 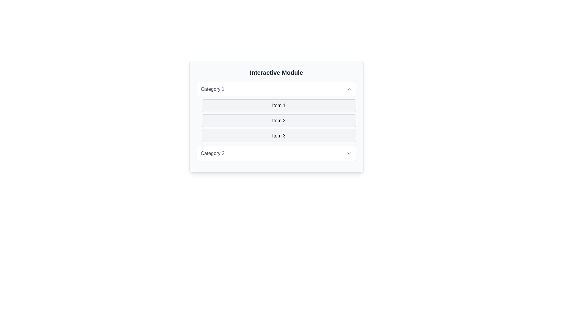 I want to click on the text label displaying 'Category 1' which is inside a white rounded rectangle with a subtle border, located above a list of items, so click(x=212, y=89).